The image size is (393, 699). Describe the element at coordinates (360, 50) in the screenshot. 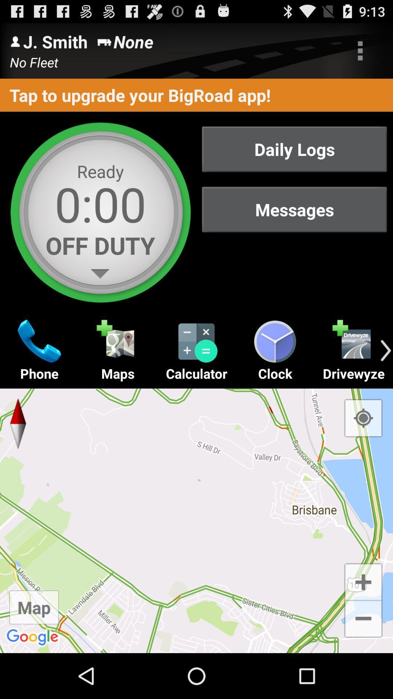

I see `item next to none` at that location.